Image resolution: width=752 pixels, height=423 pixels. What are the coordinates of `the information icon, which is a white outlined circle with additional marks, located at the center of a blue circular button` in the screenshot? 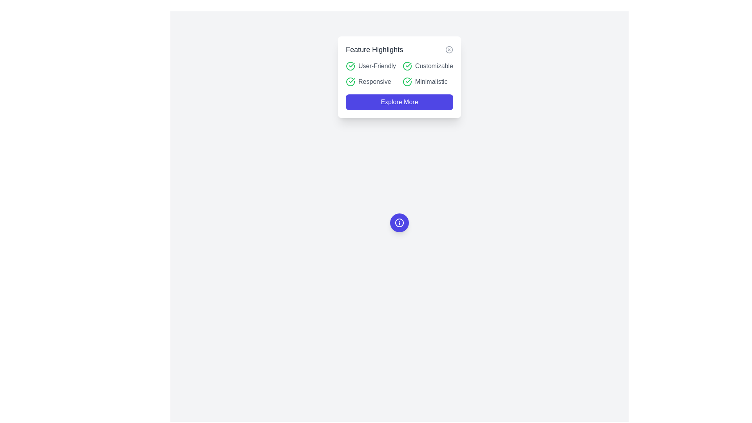 It's located at (399, 223).